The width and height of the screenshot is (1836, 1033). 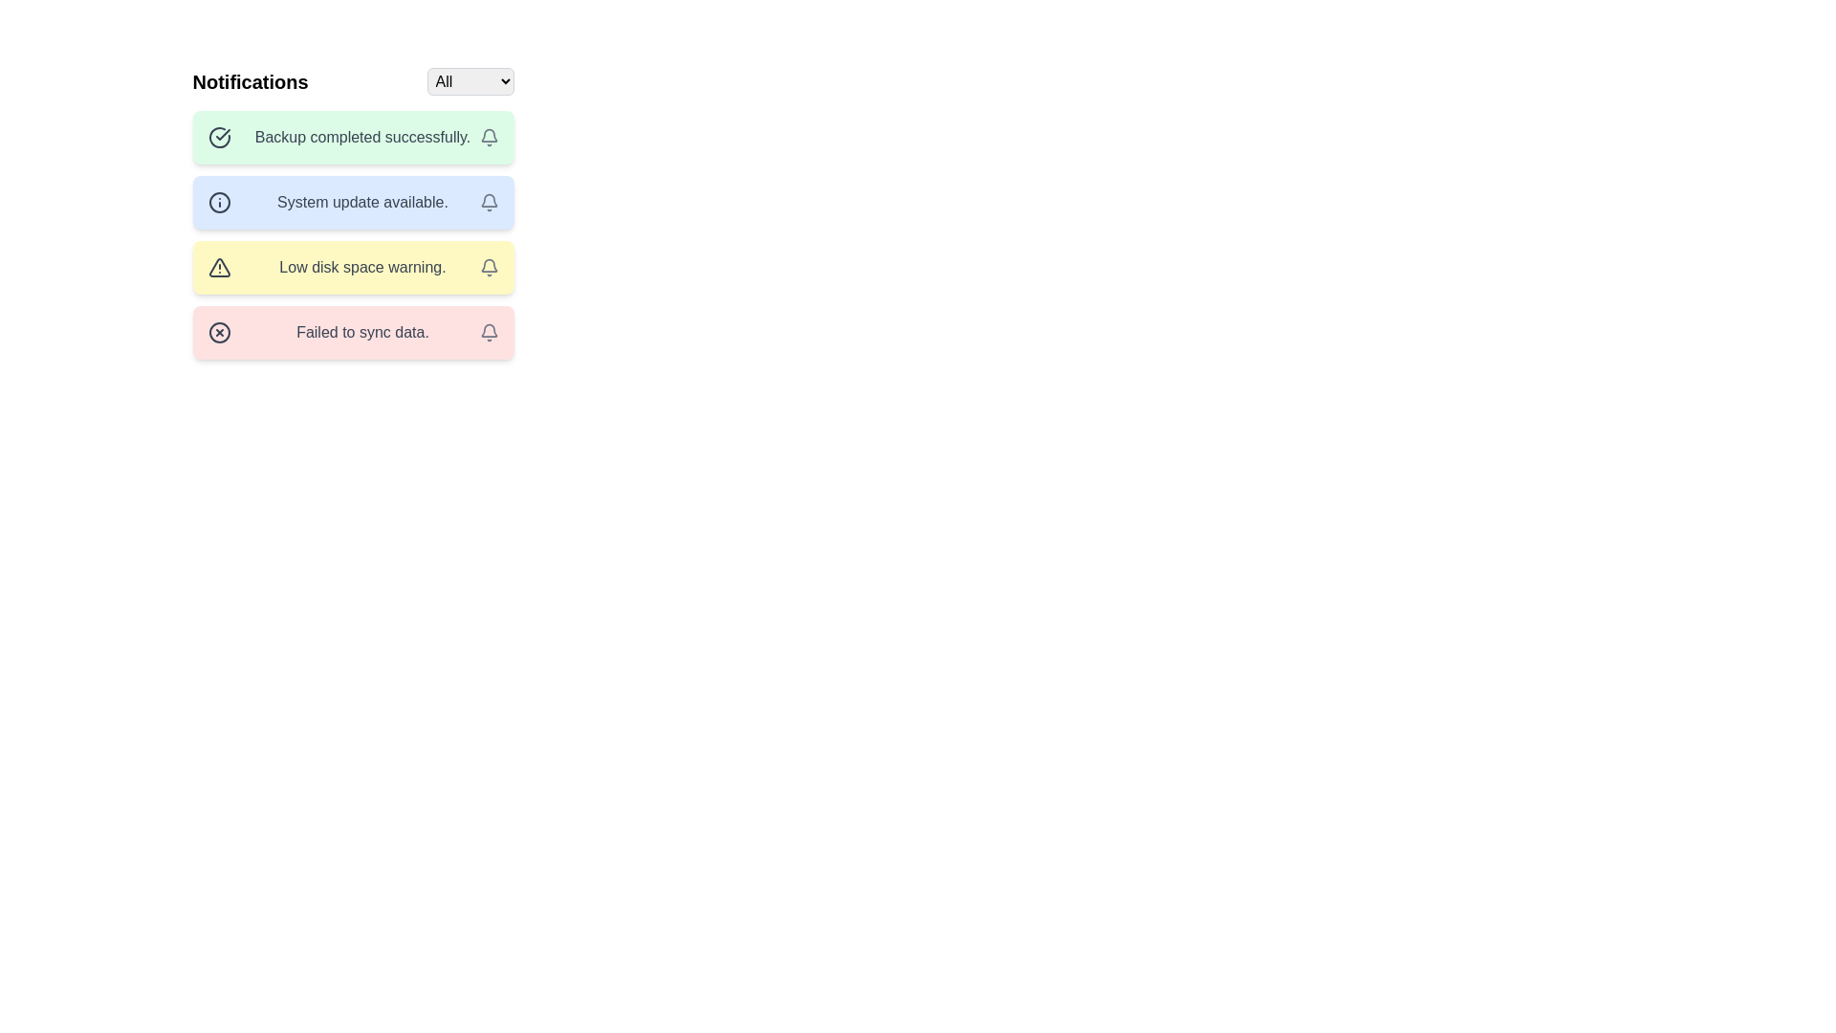 I want to click on the small light gray bell icon located on the far right of the red notification banner that reads 'Failed to sync data.' to interact with it, so click(x=489, y=331).